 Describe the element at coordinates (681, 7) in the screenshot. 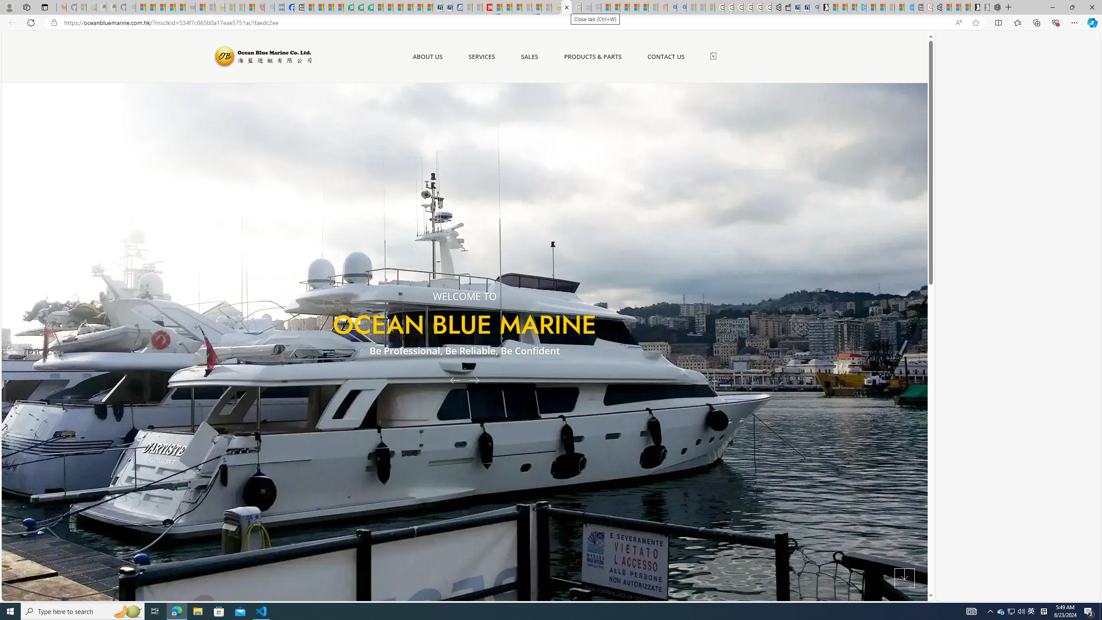

I see `'Utah sues federal government - Search'` at that location.